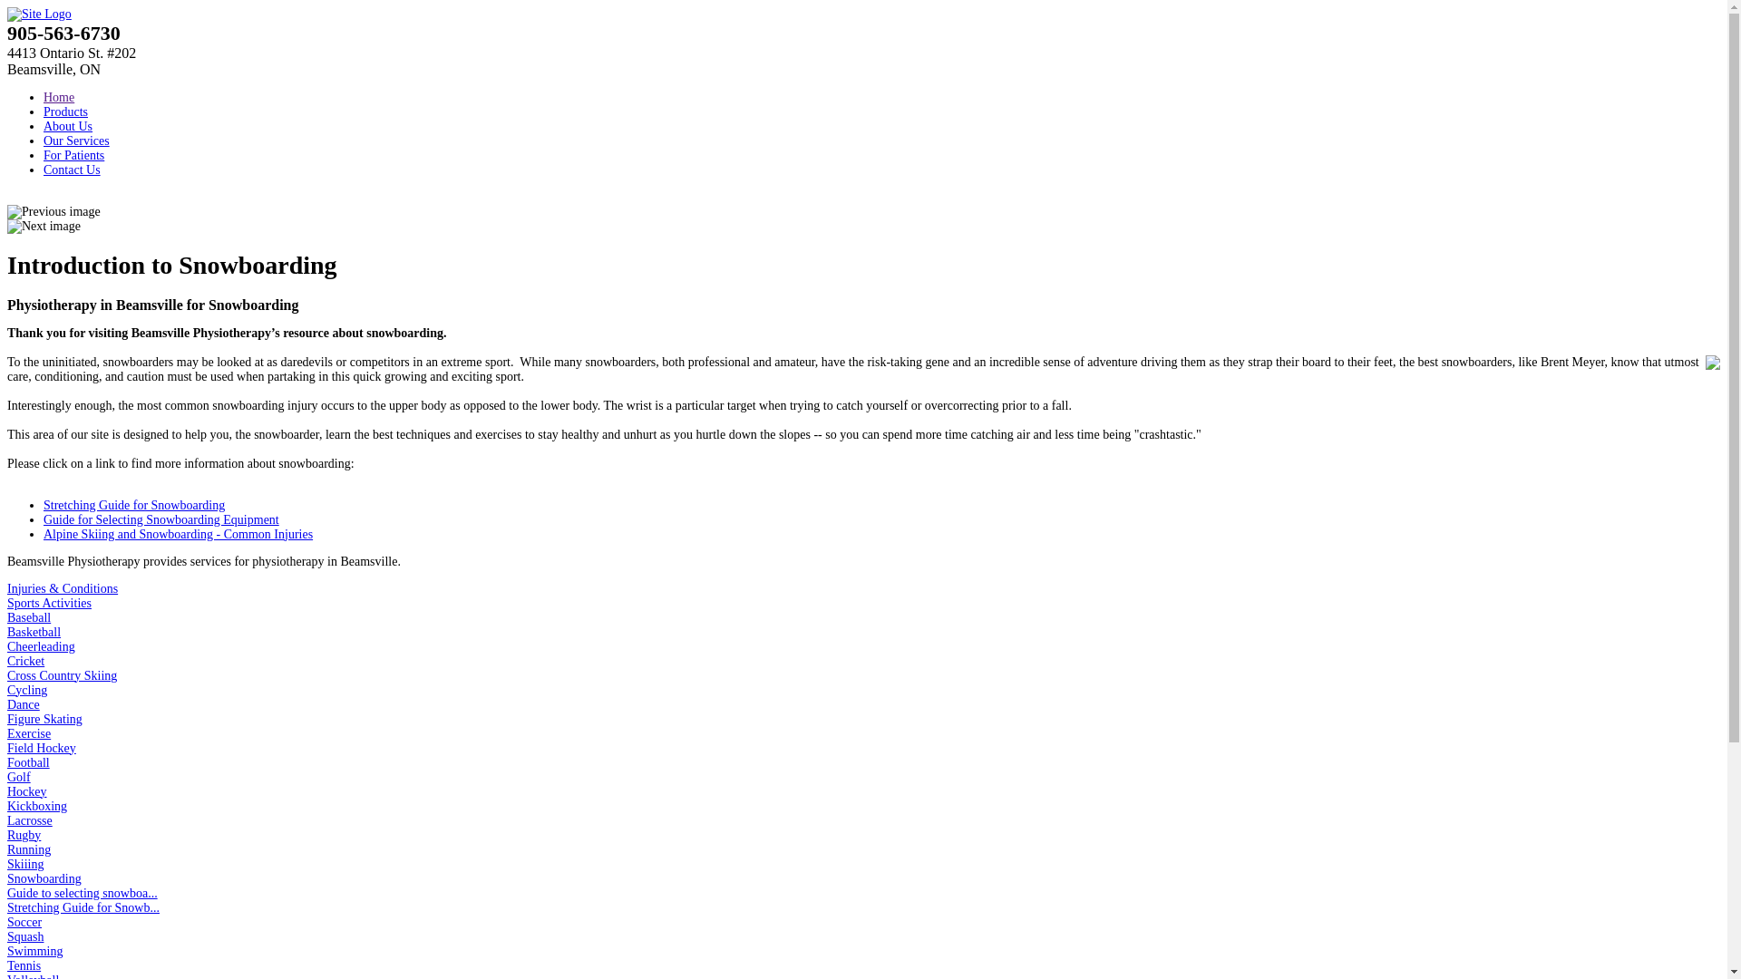  What do you see at coordinates (41, 645) in the screenshot?
I see `'Cheerleading'` at bounding box center [41, 645].